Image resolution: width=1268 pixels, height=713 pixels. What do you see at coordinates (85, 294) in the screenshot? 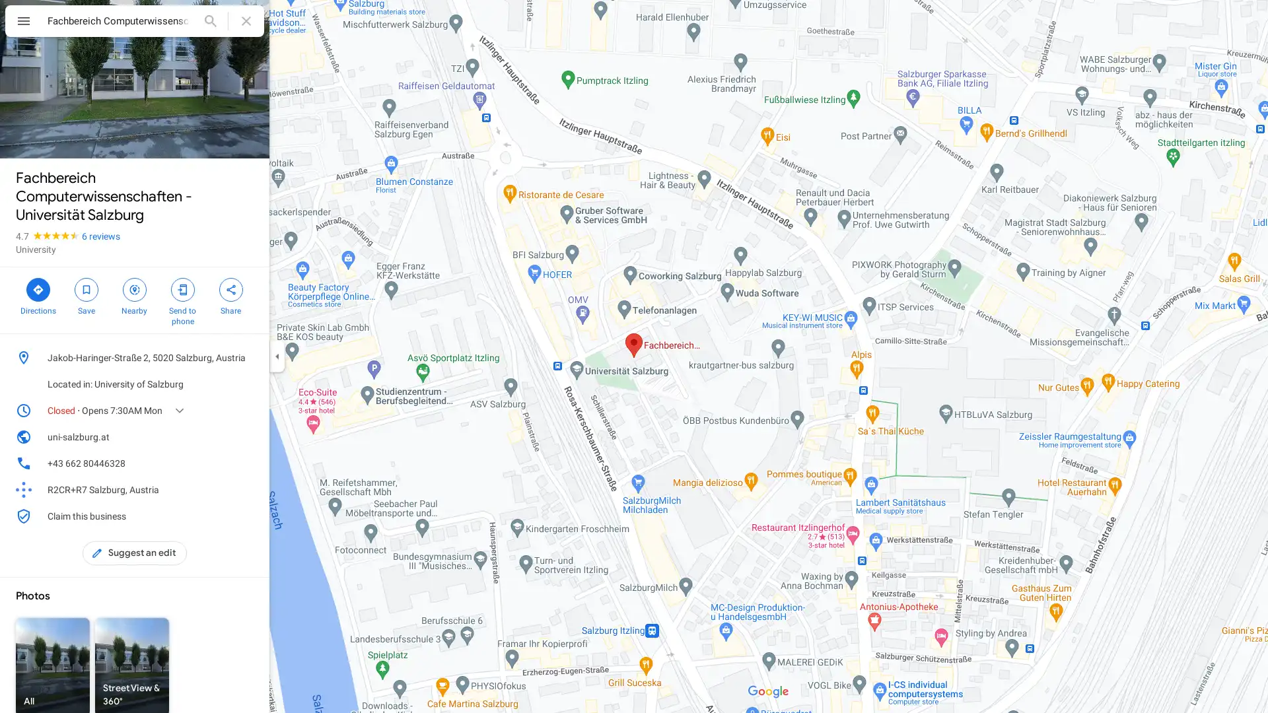
I see `Save Fachbereich Computerwissenschaften - Universitat Salzburg in your lists` at bounding box center [85, 294].